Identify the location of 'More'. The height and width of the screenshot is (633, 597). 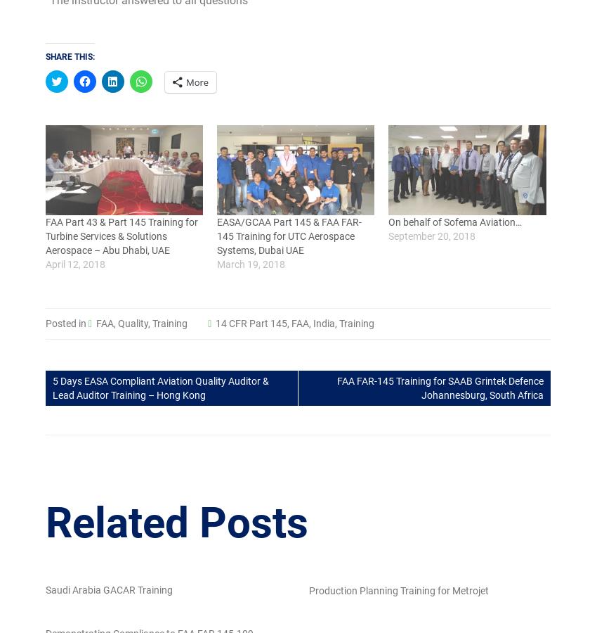
(196, 82).